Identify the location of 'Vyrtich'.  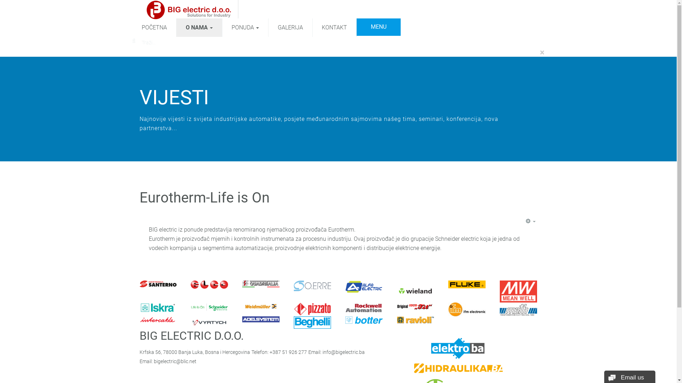
(209, 322).